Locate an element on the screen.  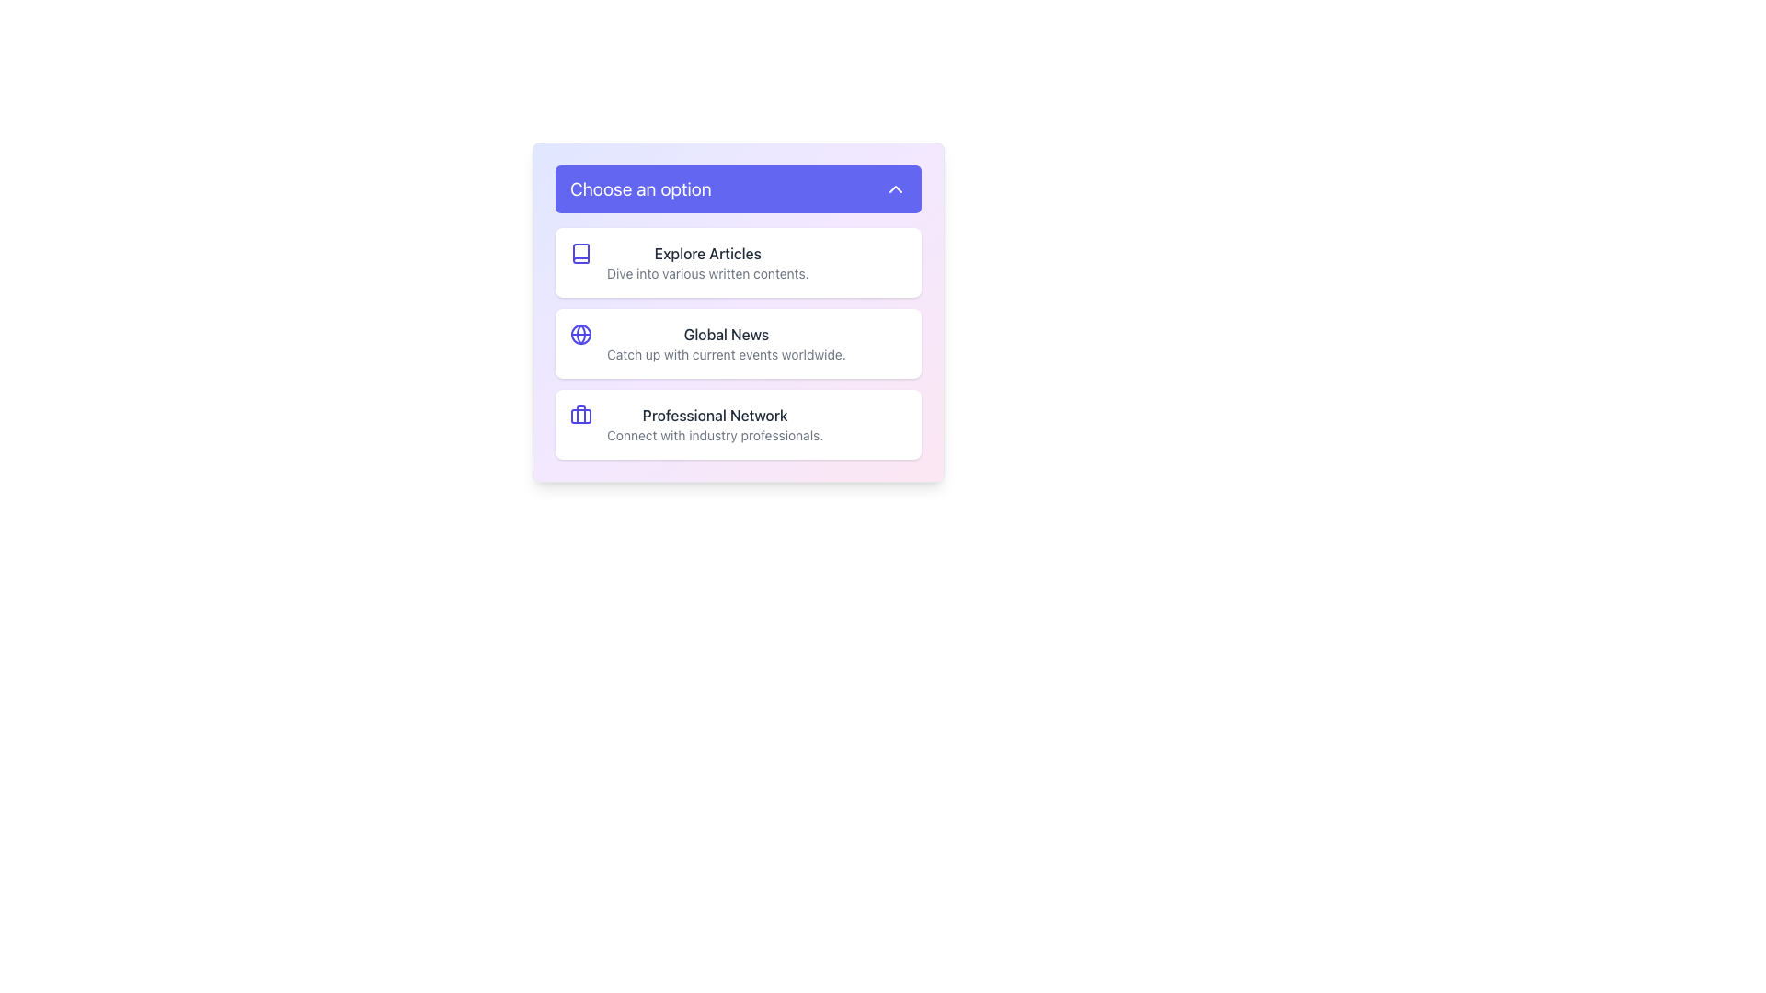
the small book-shaped icon located to the left of the text 'Explore Articles' in the first option's list item is located at coordinates (580, 254).